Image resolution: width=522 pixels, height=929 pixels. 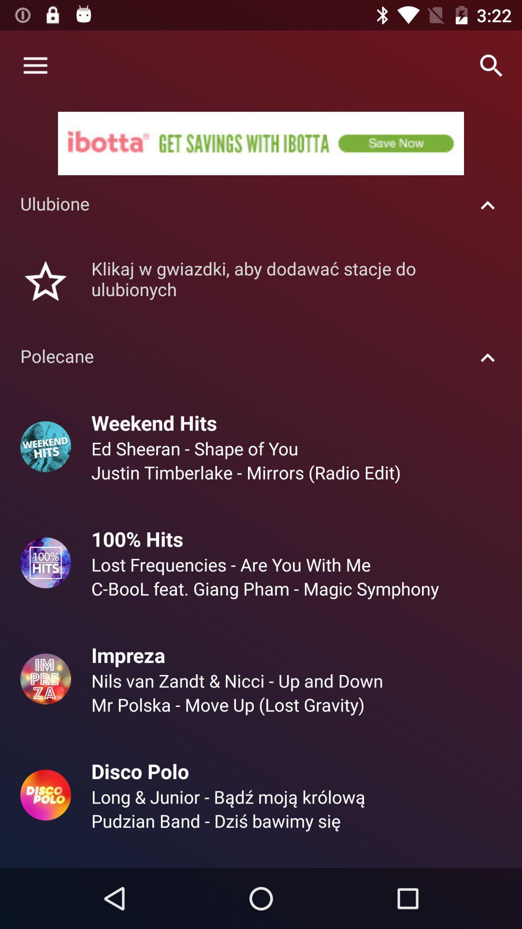 What do you see at coordinates (261, 143) in the screenshot?
I see `ibotta get savings` at bounding box center [261, 143].